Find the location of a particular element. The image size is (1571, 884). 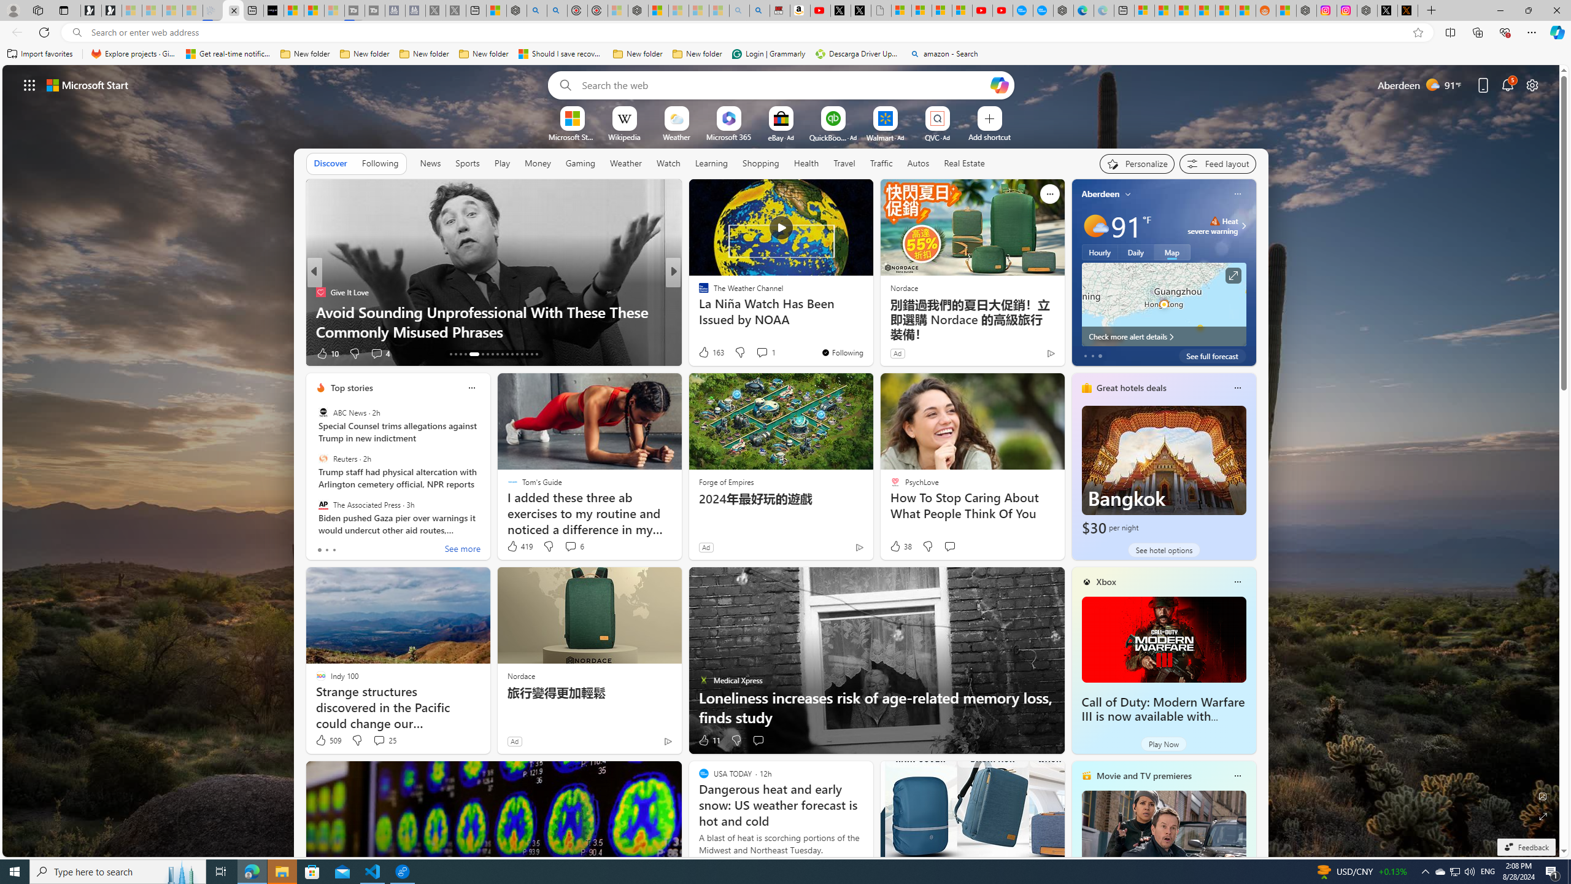

'Newsletter Sign Up' is located at coordinates (110, 10).